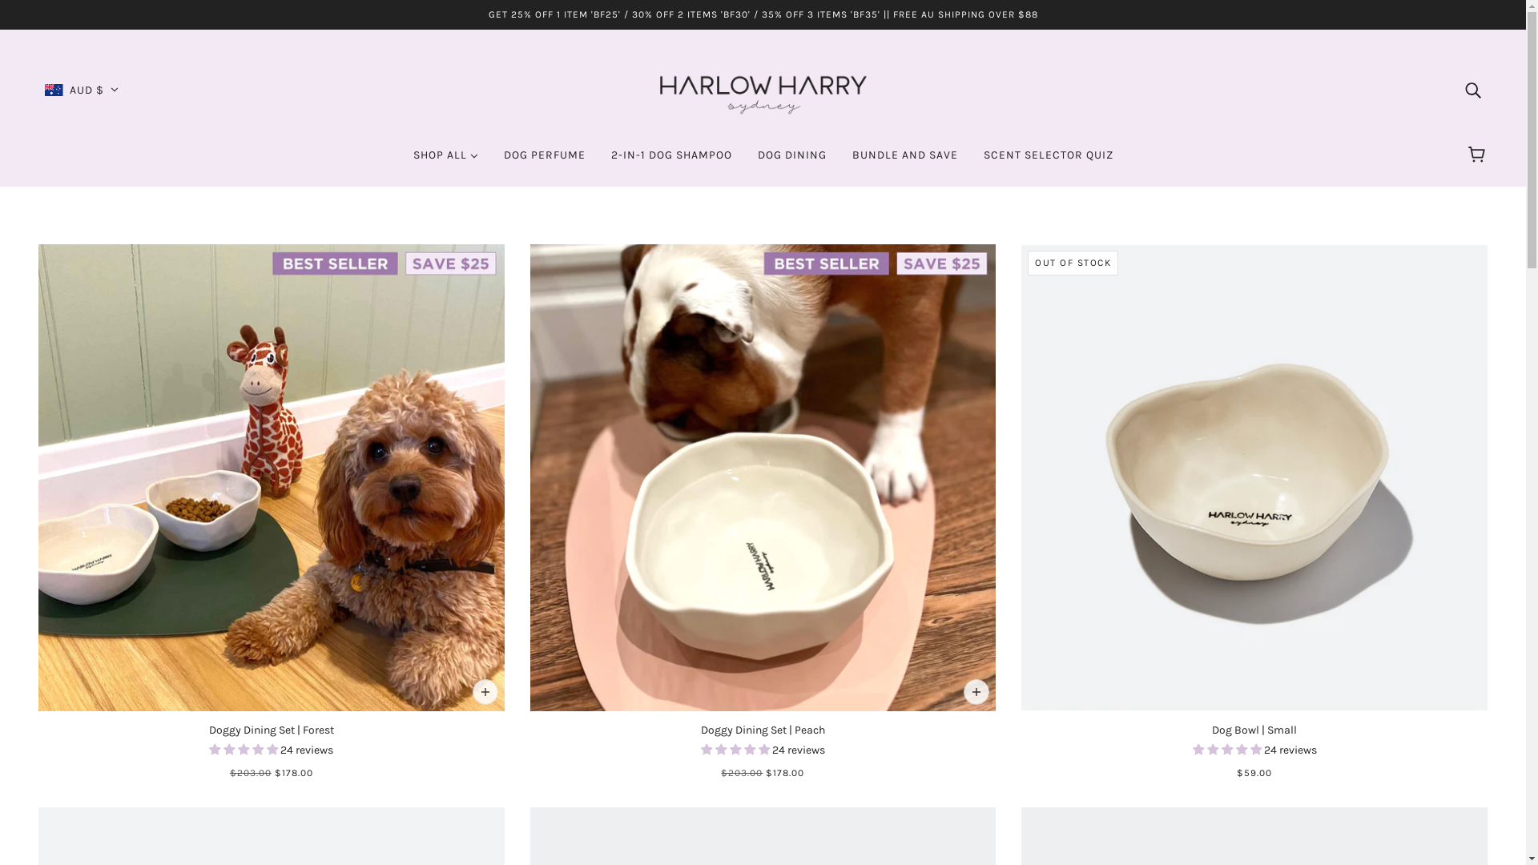 This screenshot has height=865, width=1538. What do you see at coordinates (656, 88) in the screenshot?
I see `'HARLOW HARRY'` at bounding box center [656, 88].